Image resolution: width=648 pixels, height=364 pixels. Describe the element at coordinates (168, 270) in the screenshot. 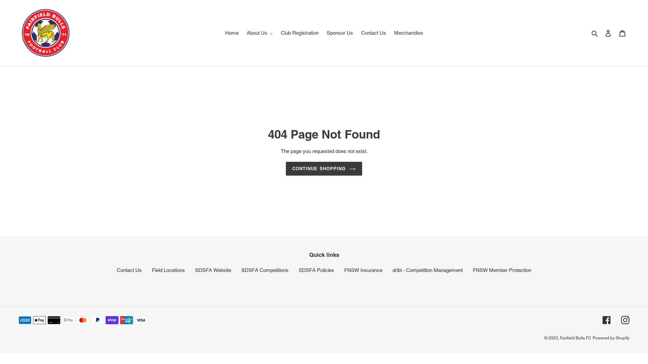

I see `'Field Locations'` at that location.